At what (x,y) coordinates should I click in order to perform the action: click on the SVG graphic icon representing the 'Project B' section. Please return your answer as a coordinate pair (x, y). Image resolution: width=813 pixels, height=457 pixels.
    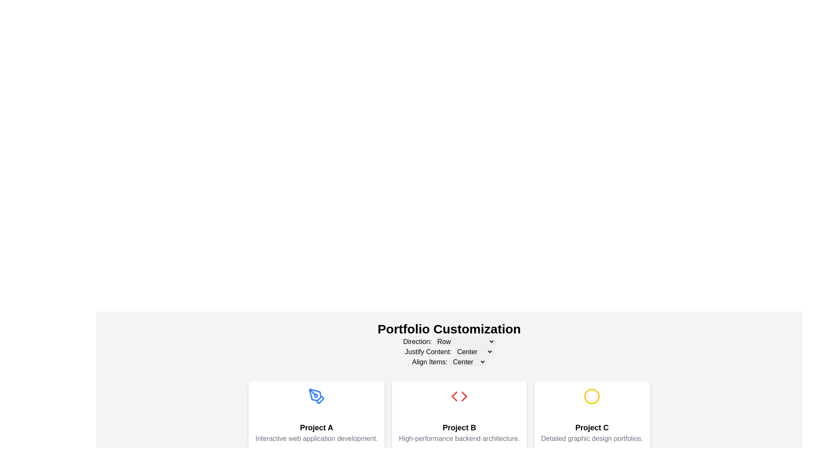
    Looking at the image, I should click on (459, 396).